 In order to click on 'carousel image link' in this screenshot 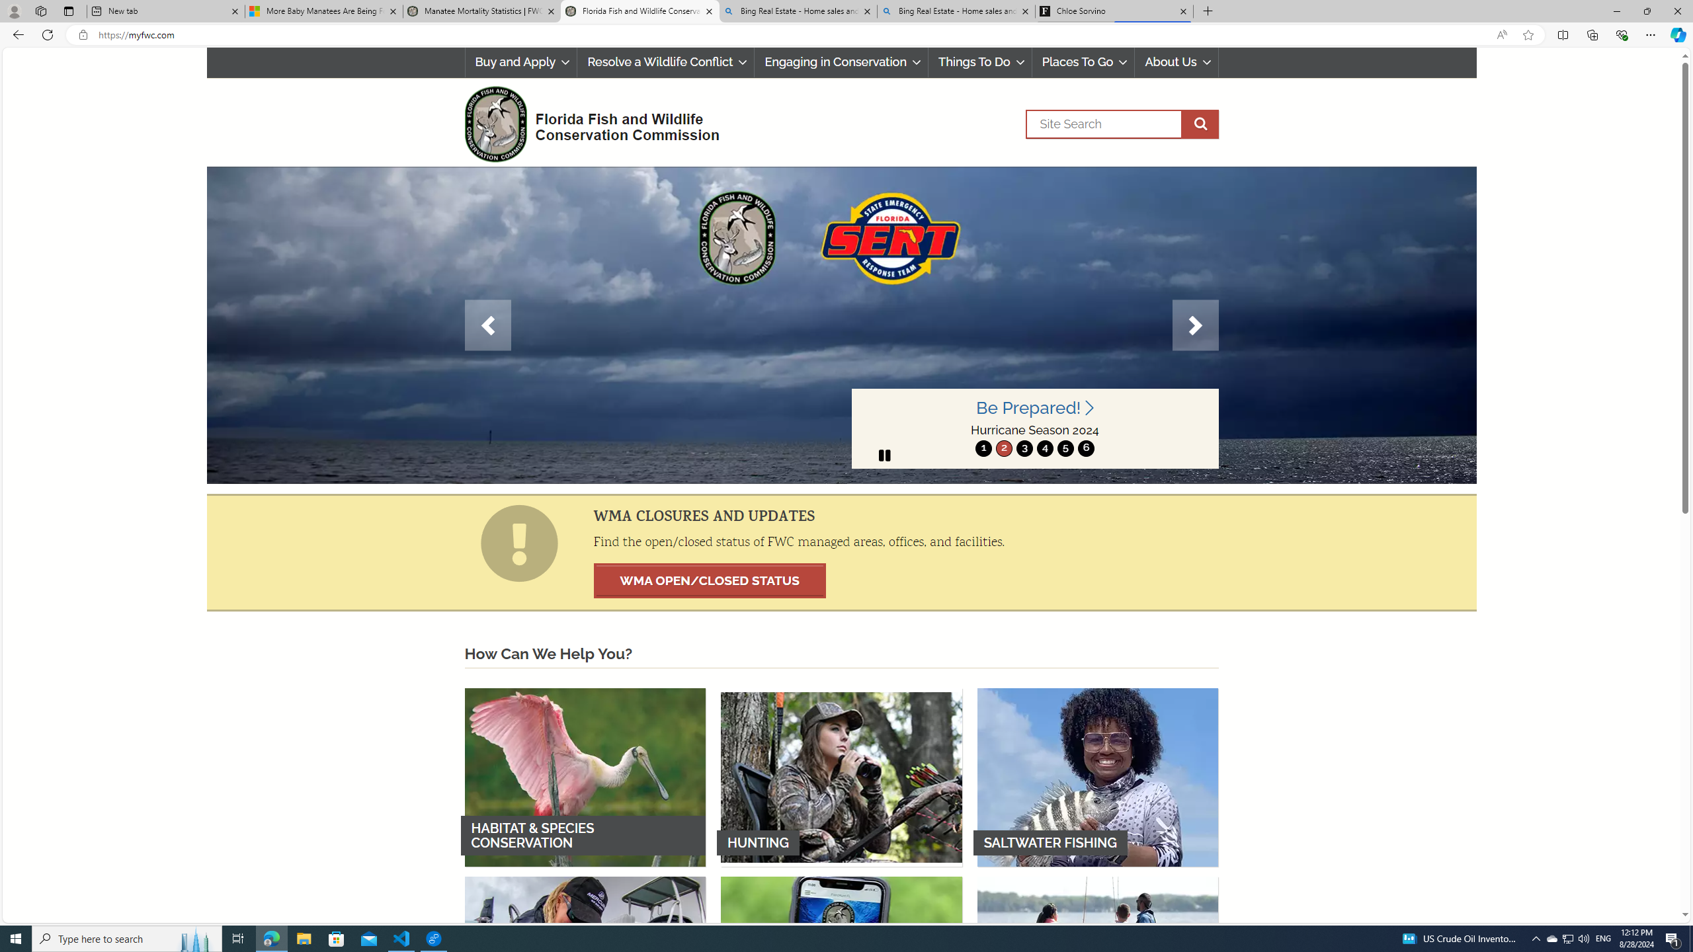, I will do `click(841, 324)`.